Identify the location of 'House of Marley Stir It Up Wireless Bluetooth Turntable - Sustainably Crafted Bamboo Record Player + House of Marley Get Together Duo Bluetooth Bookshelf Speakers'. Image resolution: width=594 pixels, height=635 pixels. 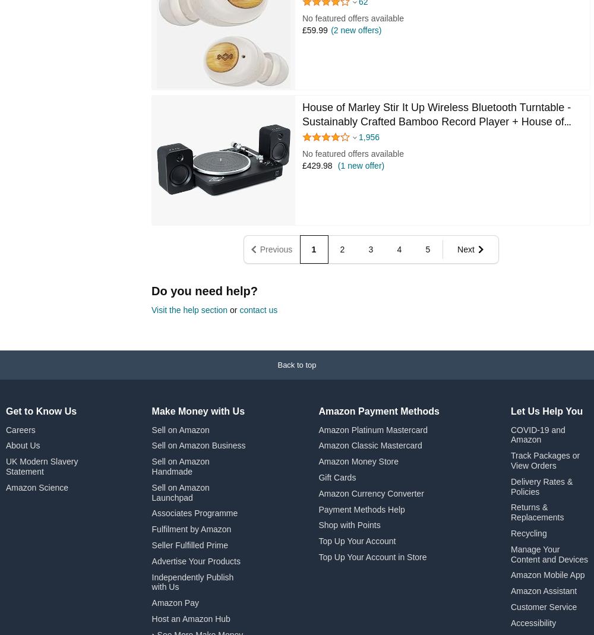
(436, 121).